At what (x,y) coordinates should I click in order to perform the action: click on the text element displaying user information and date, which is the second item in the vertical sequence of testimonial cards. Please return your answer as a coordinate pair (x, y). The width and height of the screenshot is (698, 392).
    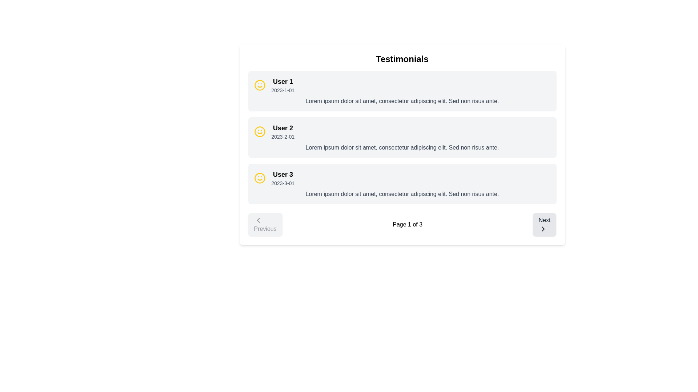
    Looking at the image, I should click on (282, 131).